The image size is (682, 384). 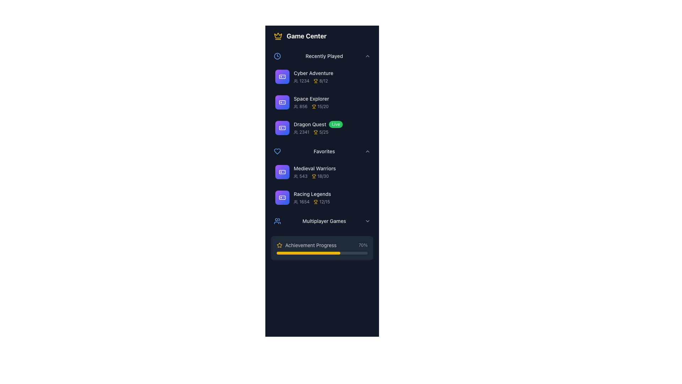 What do you see at coordinates (322, 197) in the screenshot?
I see `the 'Racing Legends' game entry list item located in the 'Favorites' section, which is the second item below 'Medieval Warriors'` at bounding box center [322, 197].